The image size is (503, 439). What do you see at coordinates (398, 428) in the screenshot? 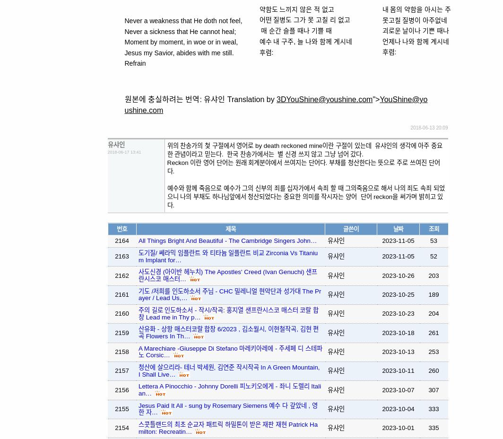
I see `'2023-10-01'` at bounding box center [398, 428].